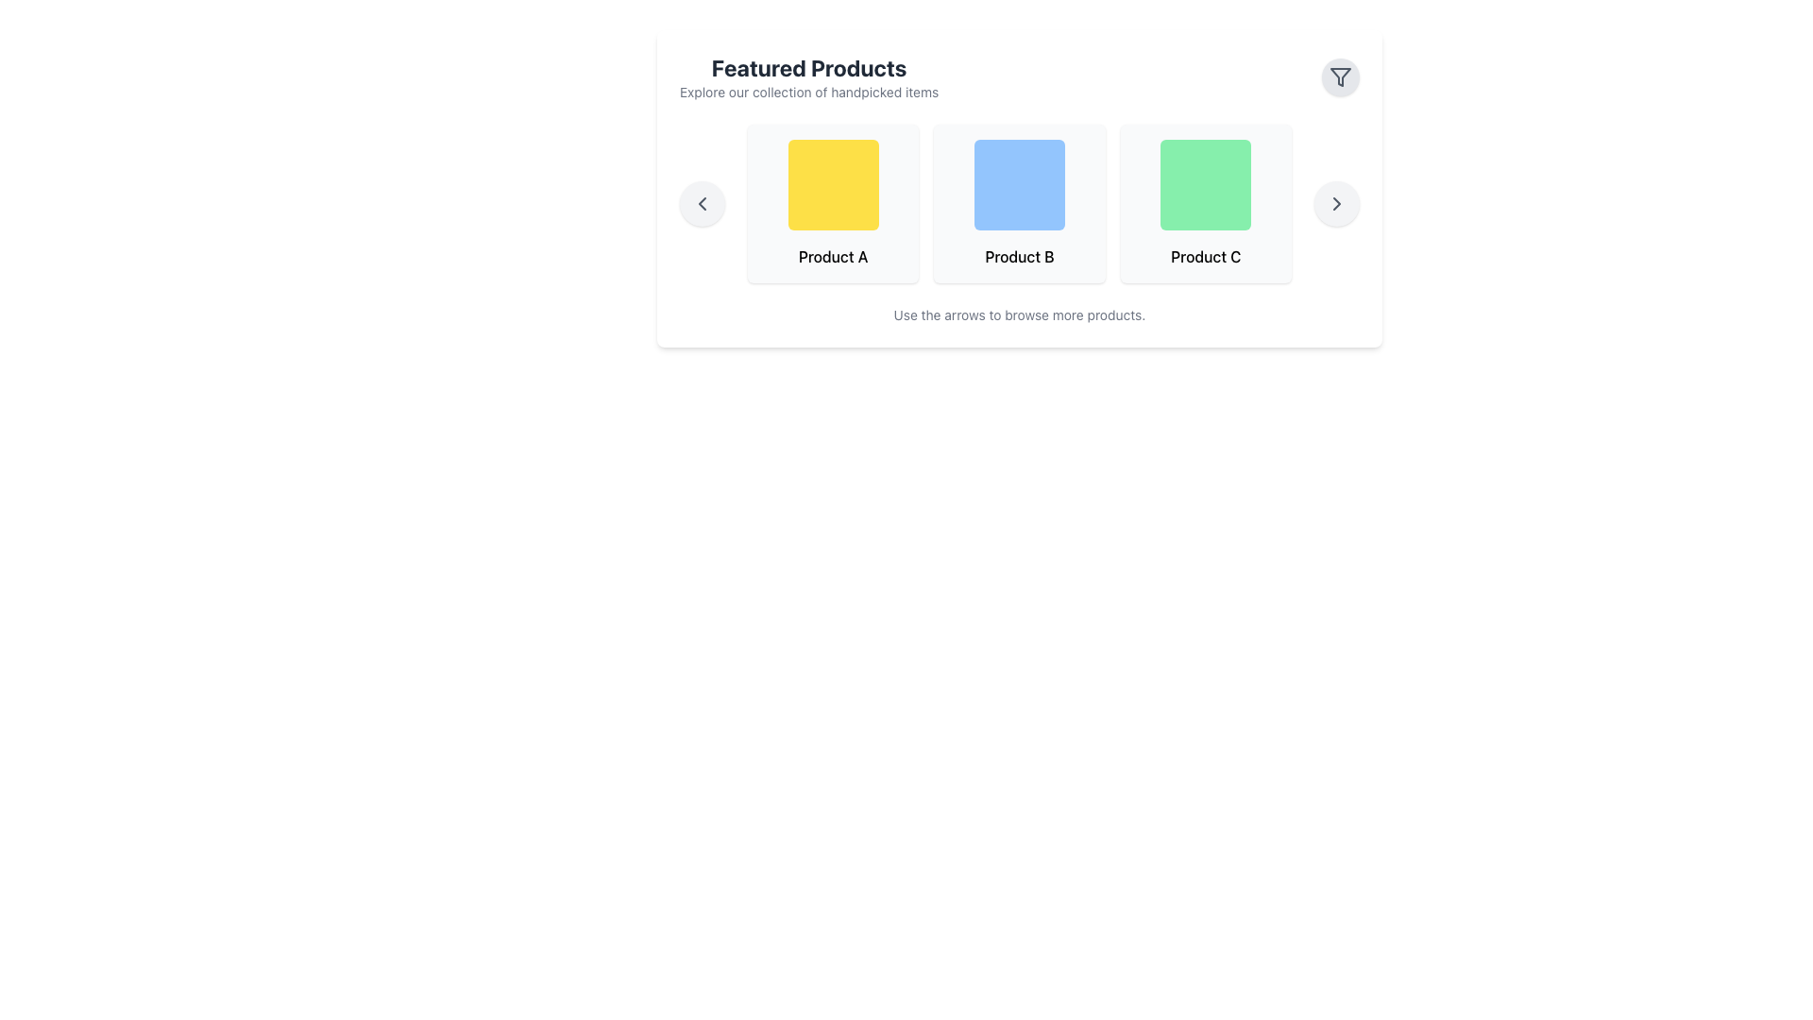  I want to click on the decorative block with a light blue background located near the title 'Product B', so click(1019, 185).